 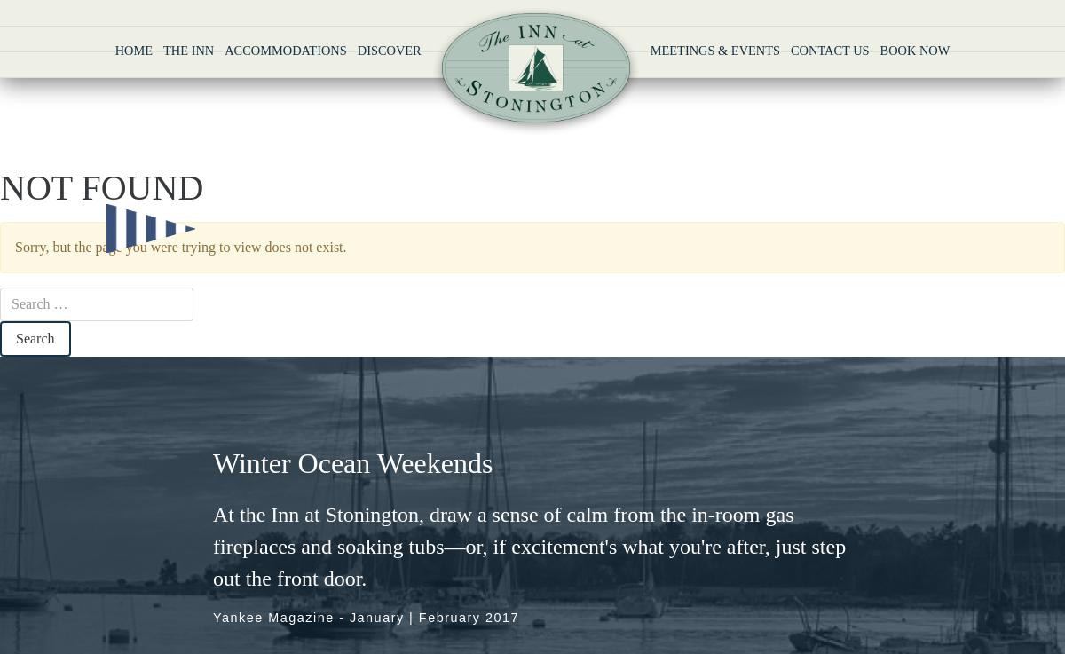 I want to click on 'Not Found', so click(x=101, y=187).